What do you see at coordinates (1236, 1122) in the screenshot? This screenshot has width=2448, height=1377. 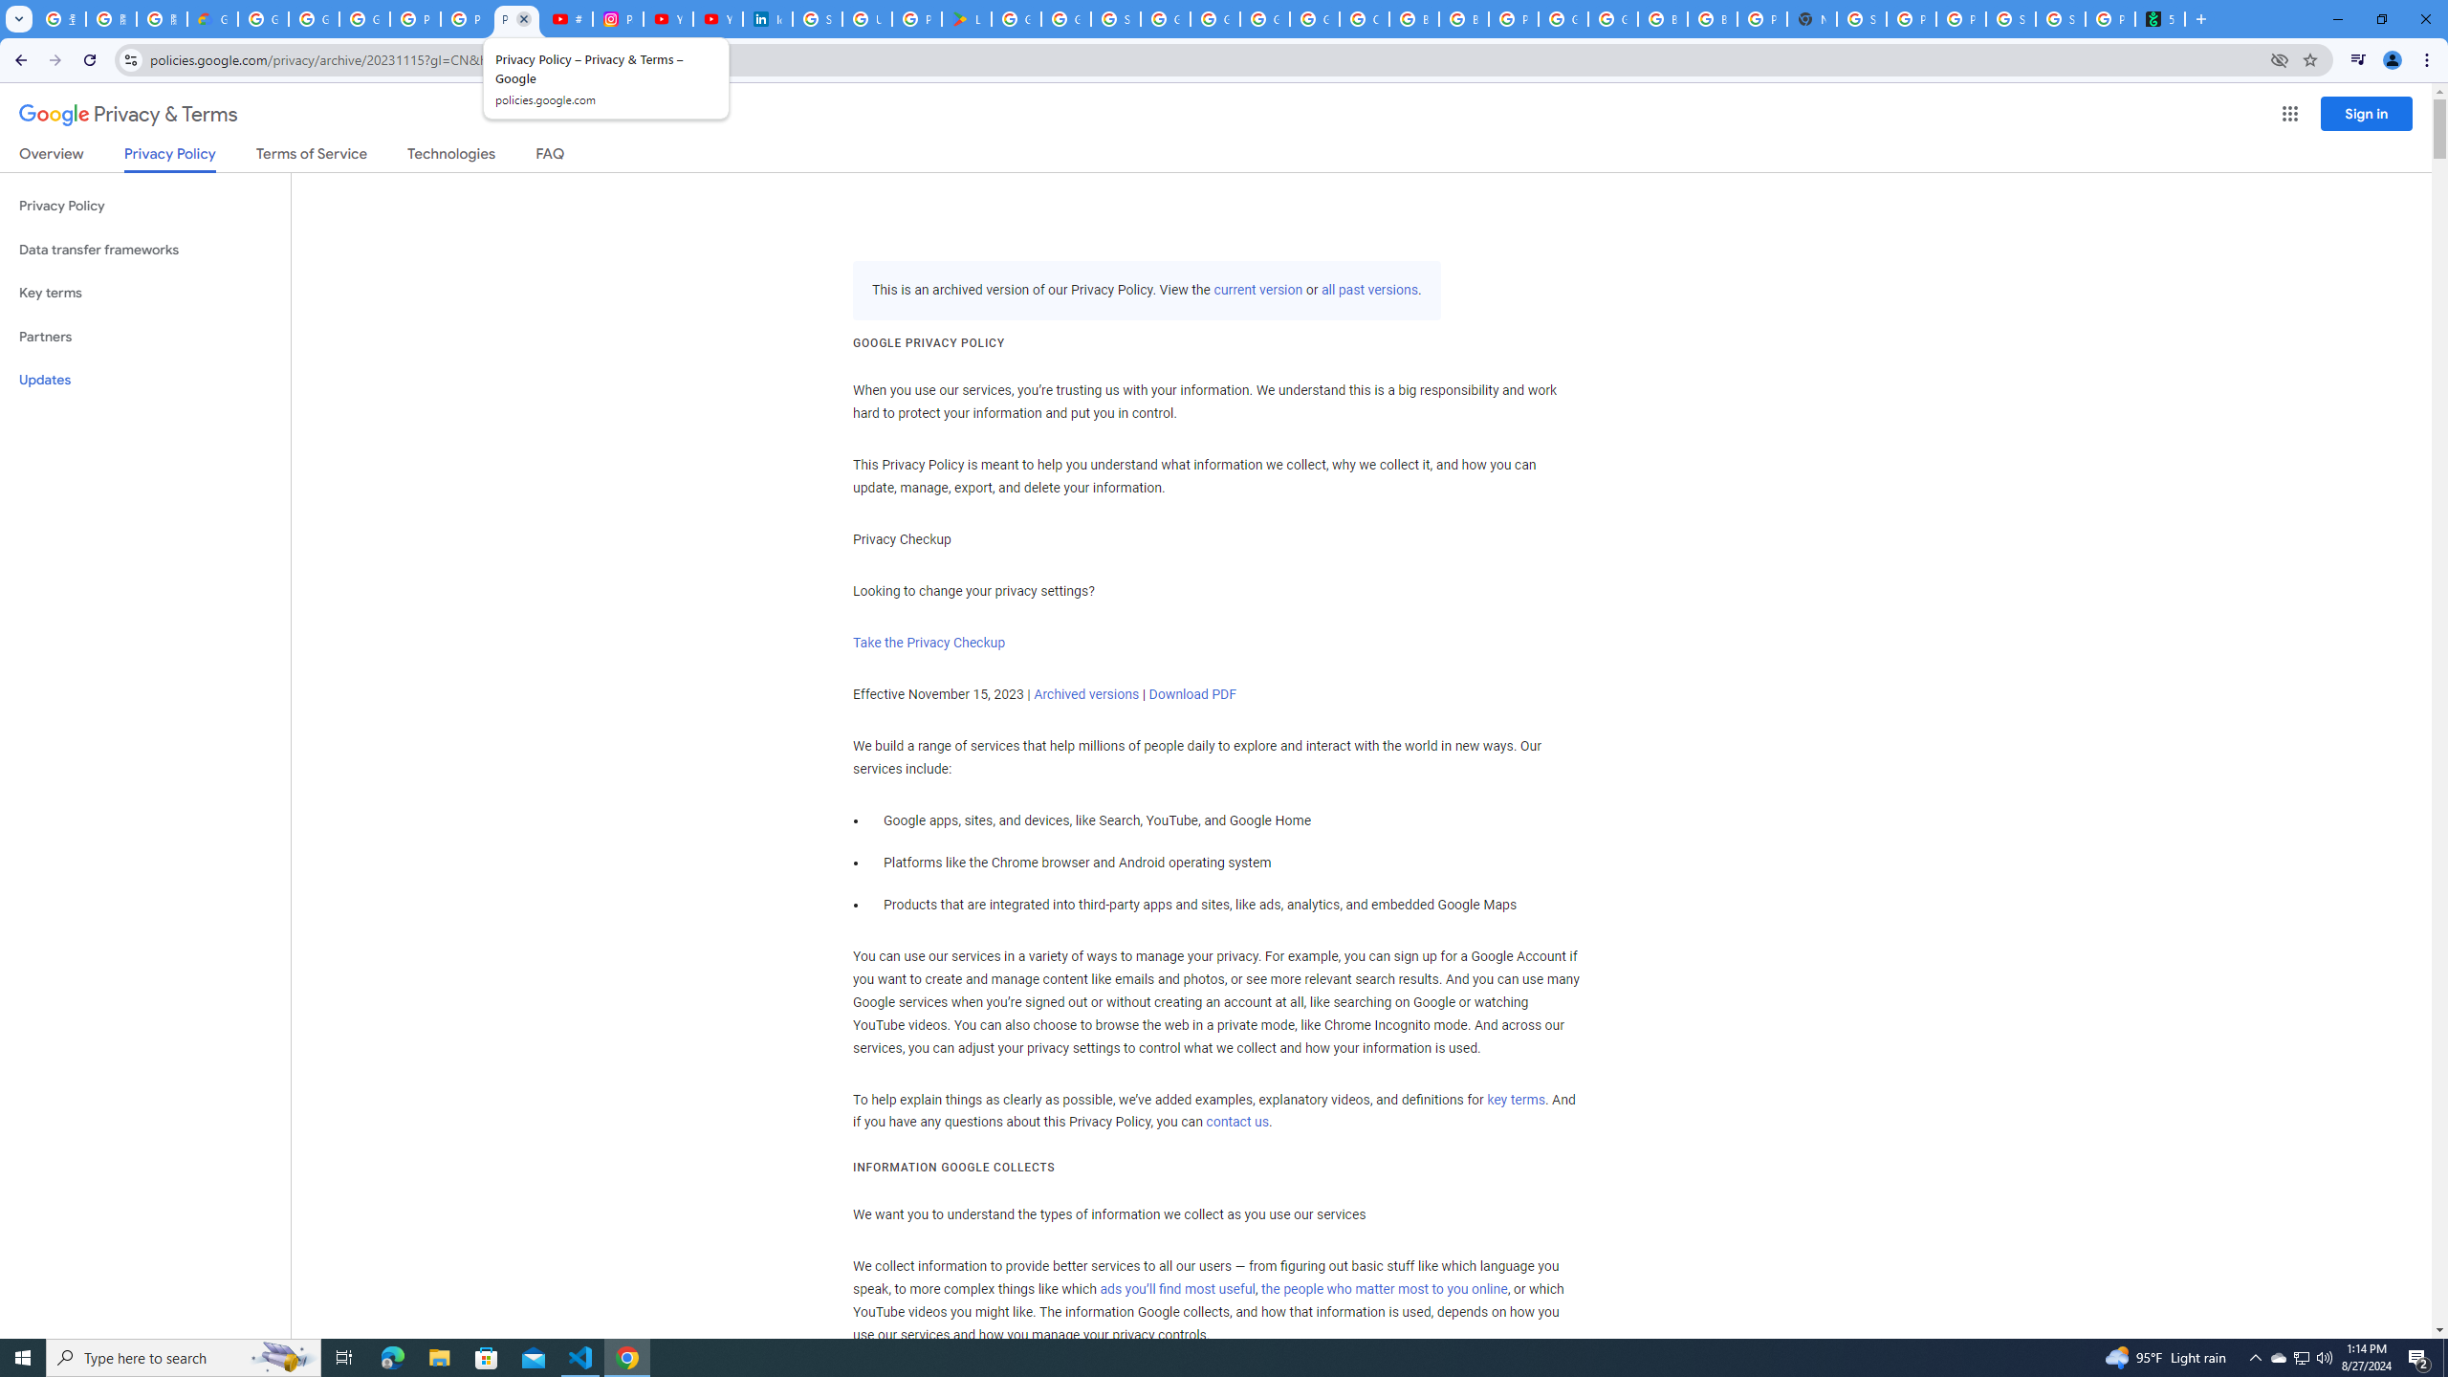 I see `'contact us'` at bounding box center [1236, 1122].